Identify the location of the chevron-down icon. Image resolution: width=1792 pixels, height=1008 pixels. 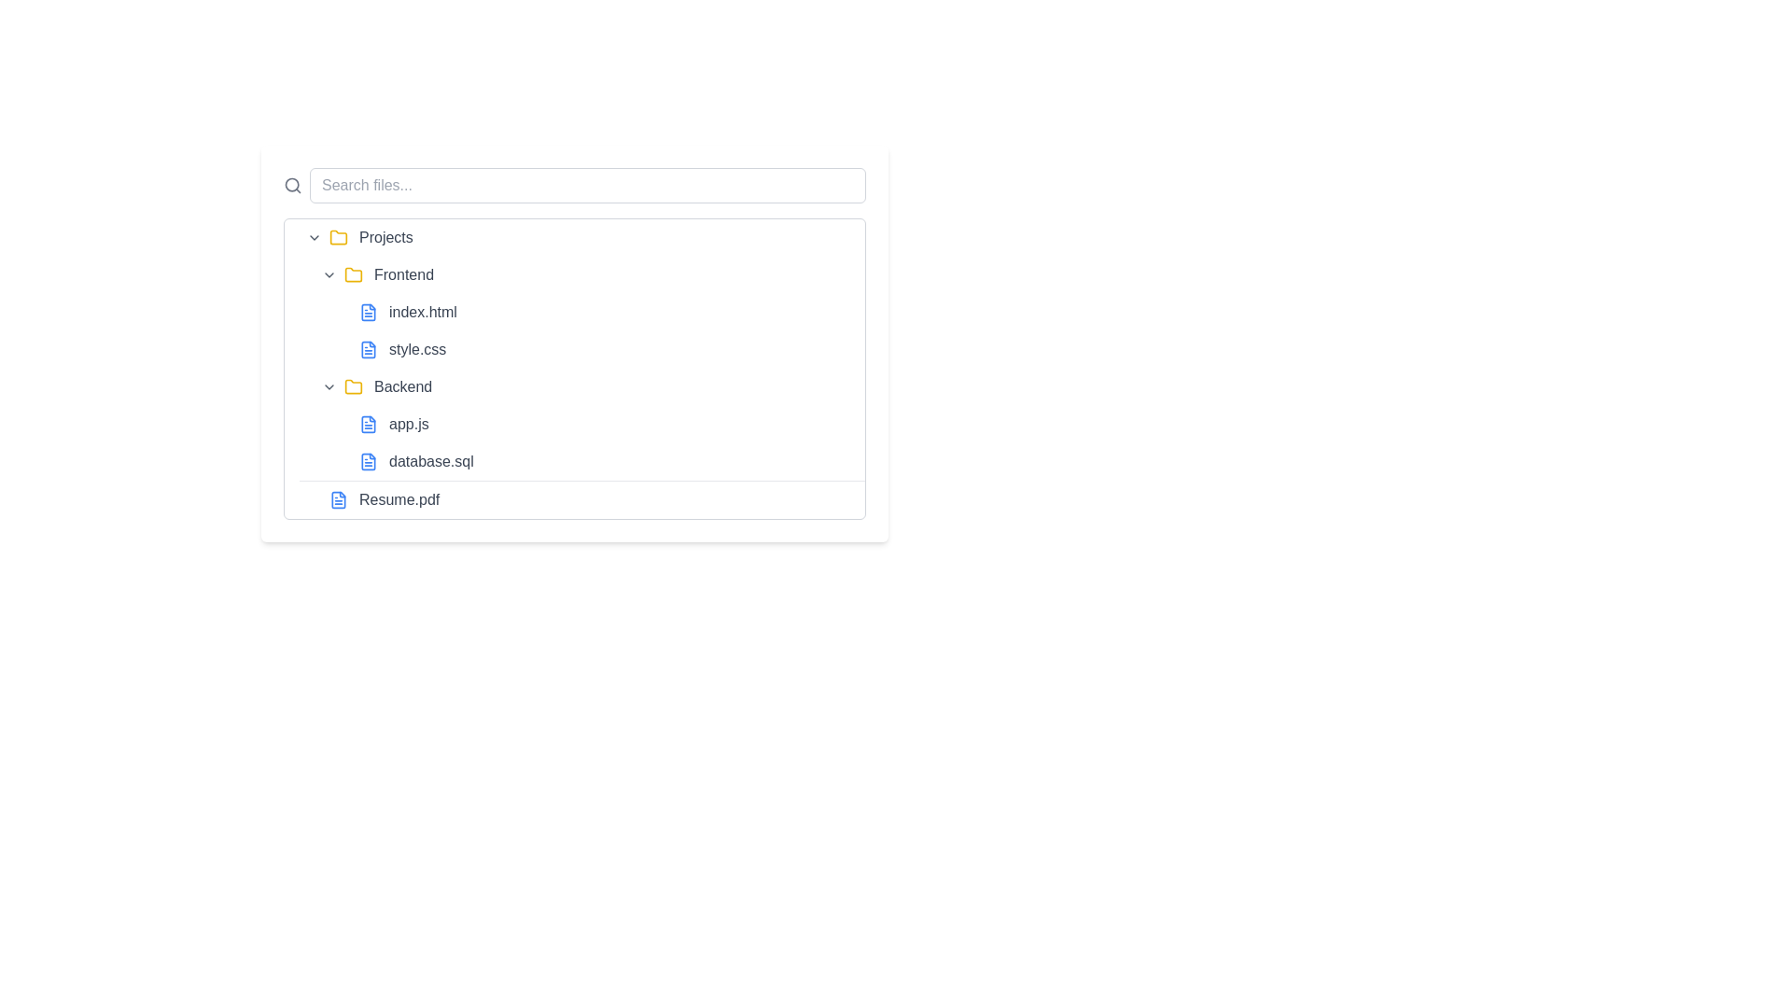
(314, 236).